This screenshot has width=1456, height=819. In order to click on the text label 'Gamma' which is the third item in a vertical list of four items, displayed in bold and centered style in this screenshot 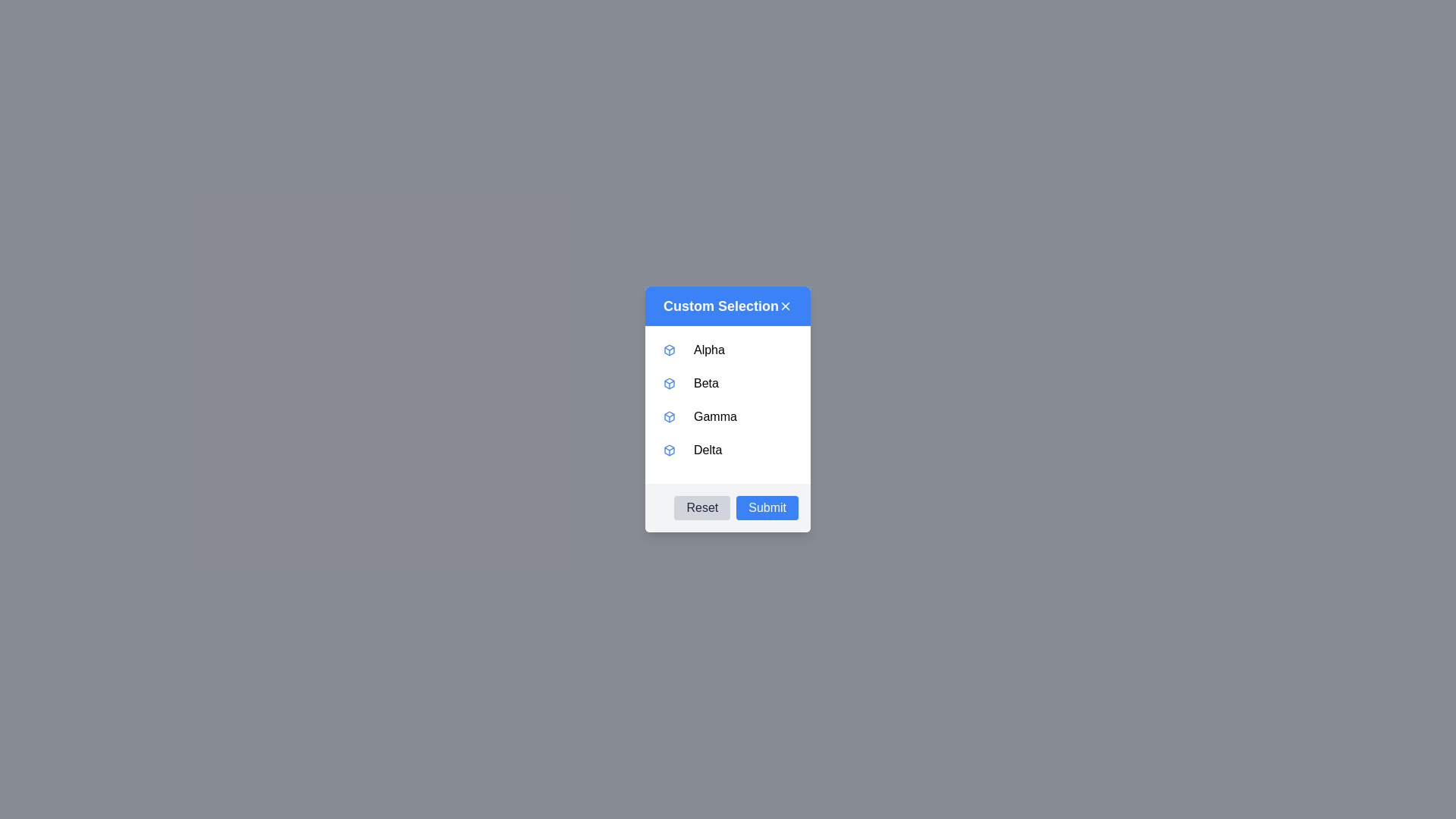, I will do `click(714, 417)`.